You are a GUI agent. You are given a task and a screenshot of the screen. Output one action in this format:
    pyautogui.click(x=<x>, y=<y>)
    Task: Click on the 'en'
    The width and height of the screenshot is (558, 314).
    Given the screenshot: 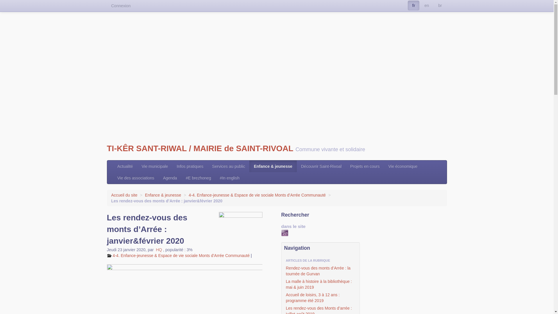 What is the action you would take?
    pyautogui.click(x=427, y=6)
    